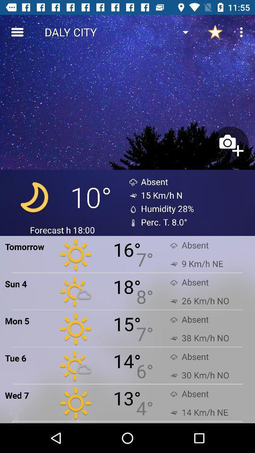 This screenshot has width=255, height=453. I want to click on a picture, so click(229, 145).